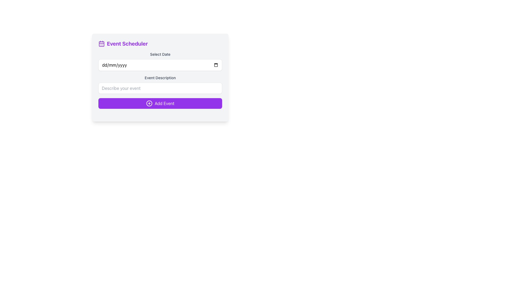 The width and height of the screenshot is (512, 288). What do you see at coordinates (160, 103) in the screenshot?
I see `the 'Submit' button located at the bottom of the 'Event Scheduler' form` at bounding box center [160, 103].